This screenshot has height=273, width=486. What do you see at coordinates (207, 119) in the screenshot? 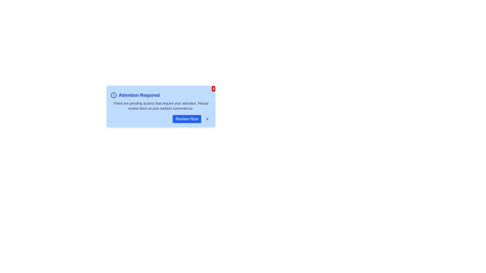
I see `the close icon located at the bottom-right corner of the notification interface` at bounding box center [207, 119].